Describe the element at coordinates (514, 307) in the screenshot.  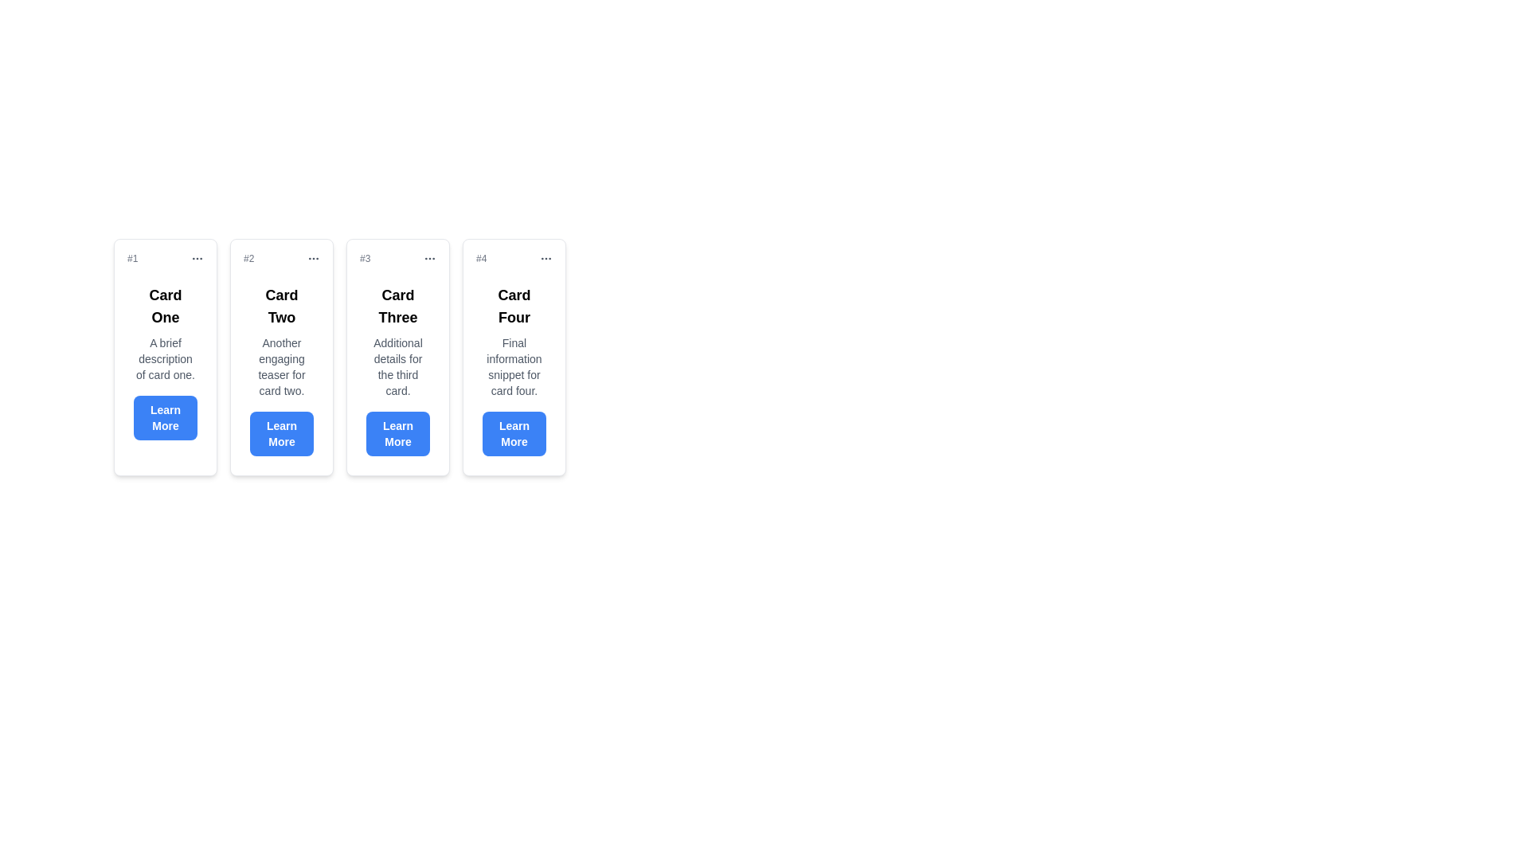
I see `the Text label that serves as the title for the fourth card, which is labeled 'Card Four' and positioned at the top of the card` at that location.